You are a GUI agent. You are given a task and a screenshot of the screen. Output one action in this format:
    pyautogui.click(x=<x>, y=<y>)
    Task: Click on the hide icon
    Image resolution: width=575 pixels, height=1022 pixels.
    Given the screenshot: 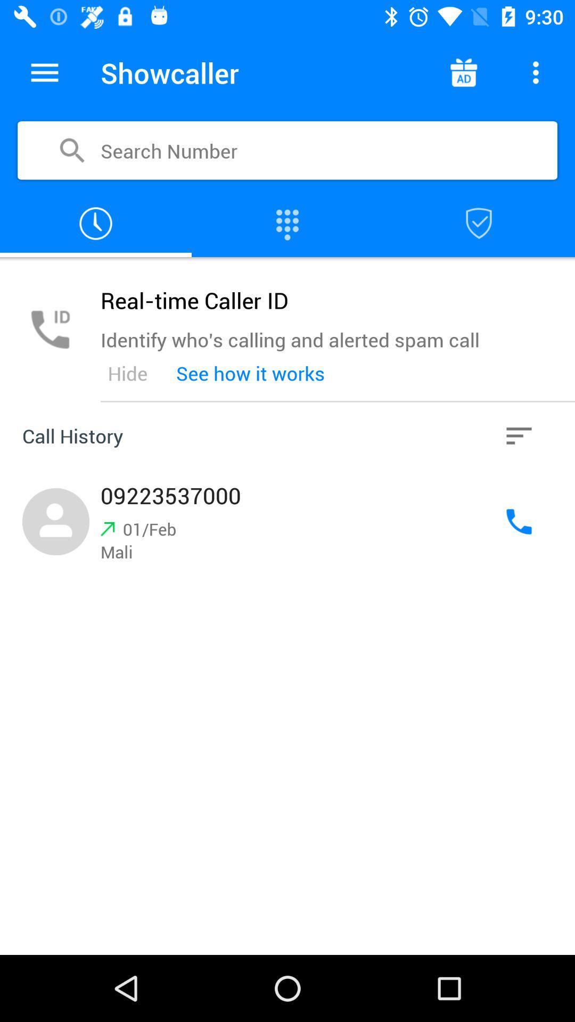 What is the action you would take?
    pyautogui.click(x=127, y=373)
    